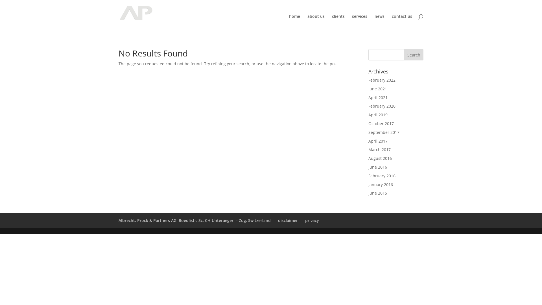  What do you see at coordinates (378, 97) in the screenshot?
I see `'April 2021'` at bounding box center [378, 97].